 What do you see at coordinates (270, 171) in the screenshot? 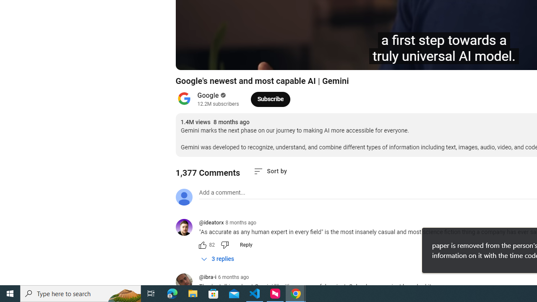
I see `'Sort comments'` at bounding box center [270, 171].